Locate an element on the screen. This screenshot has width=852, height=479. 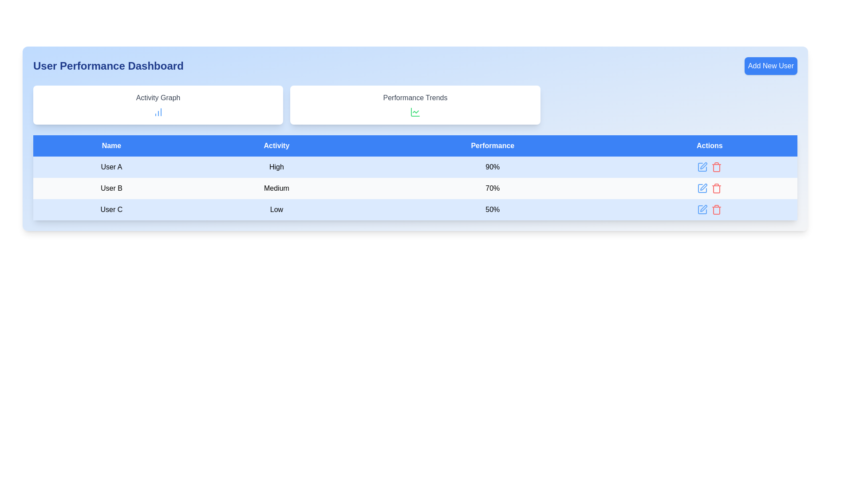
the blue column chart icon located at the center of the 'Activity Graph' card, which is positioned in the upper-left section of the interface is located at coordinates (158, 112).